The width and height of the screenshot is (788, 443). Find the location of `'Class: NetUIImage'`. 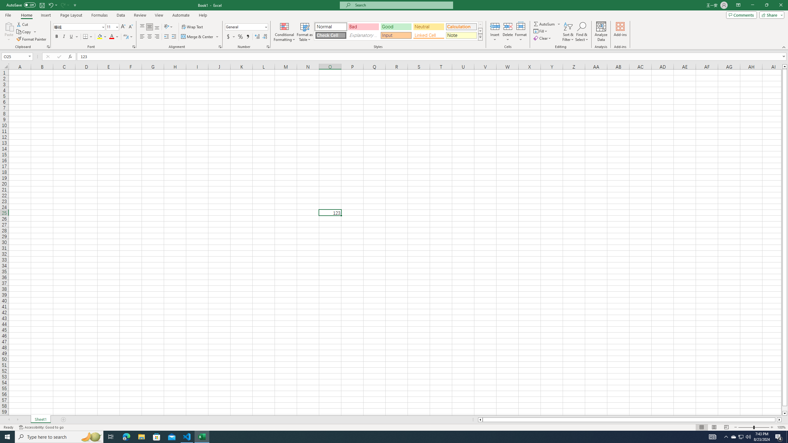

'Class: NetUIImage' is located at coordinates (480, 37).